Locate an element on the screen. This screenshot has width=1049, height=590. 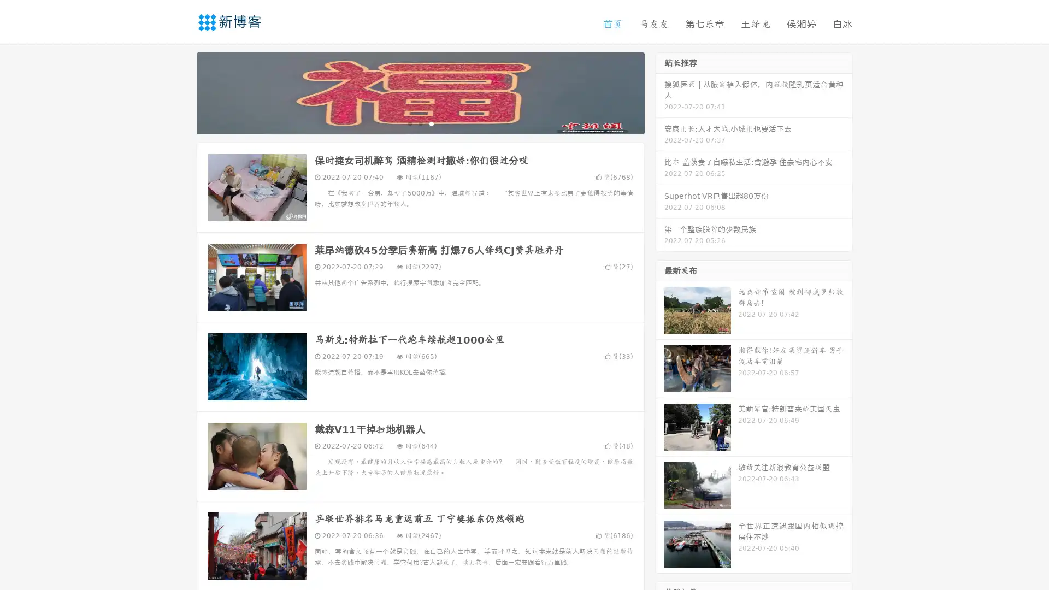
Go to slide 1 is located at coordinates (409, 123).